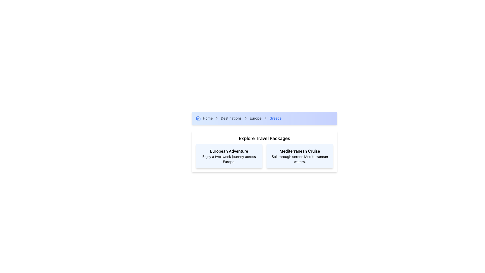 This screenshot has height=273, width=485. I want to click on the text content within the text block that contains 'Enjoy a two-week journey across Europe.' styled with 'text-sm', located below the heading 'European Adventure' in the left card of a two-card layout, so click(229, 159).